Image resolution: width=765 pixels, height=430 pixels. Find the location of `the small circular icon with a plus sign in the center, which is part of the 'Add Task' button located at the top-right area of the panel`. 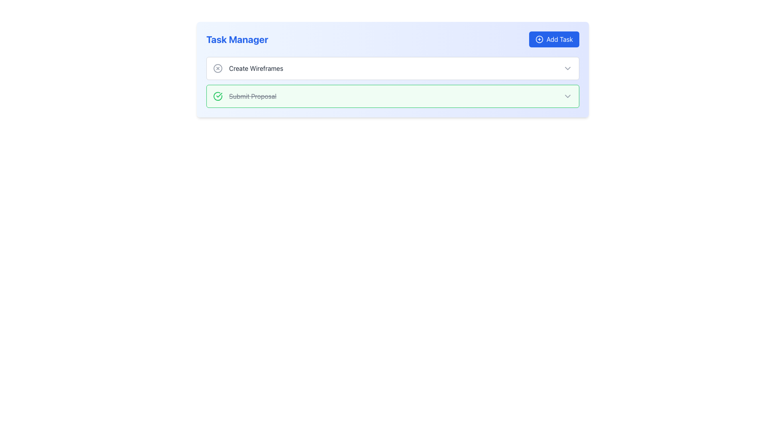

the small circular icon with a plus sign in the center, which is part of the 'Add Task' button located at the top-right area of the panel is located at coordinates (539, 39).